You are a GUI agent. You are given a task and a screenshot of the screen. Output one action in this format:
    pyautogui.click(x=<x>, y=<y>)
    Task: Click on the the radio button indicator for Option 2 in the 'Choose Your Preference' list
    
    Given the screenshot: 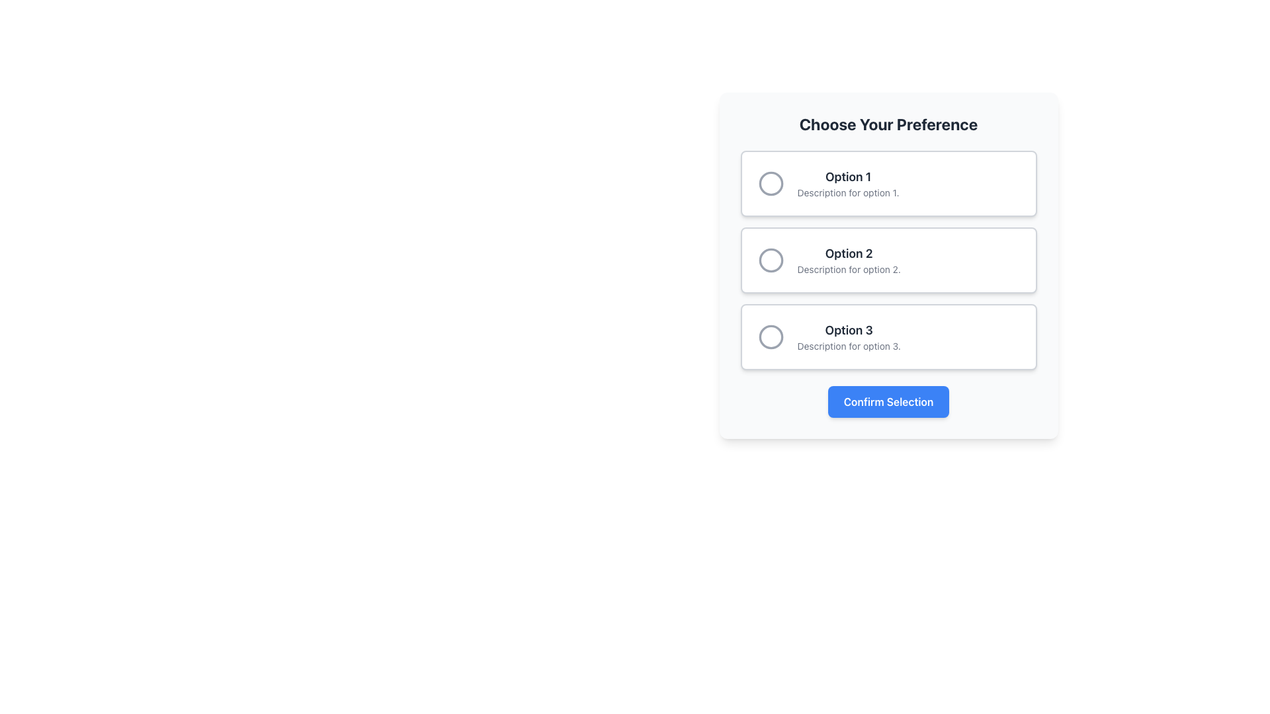 What is the action you would take?
    pyautogui.click(x=771, y=260)
    